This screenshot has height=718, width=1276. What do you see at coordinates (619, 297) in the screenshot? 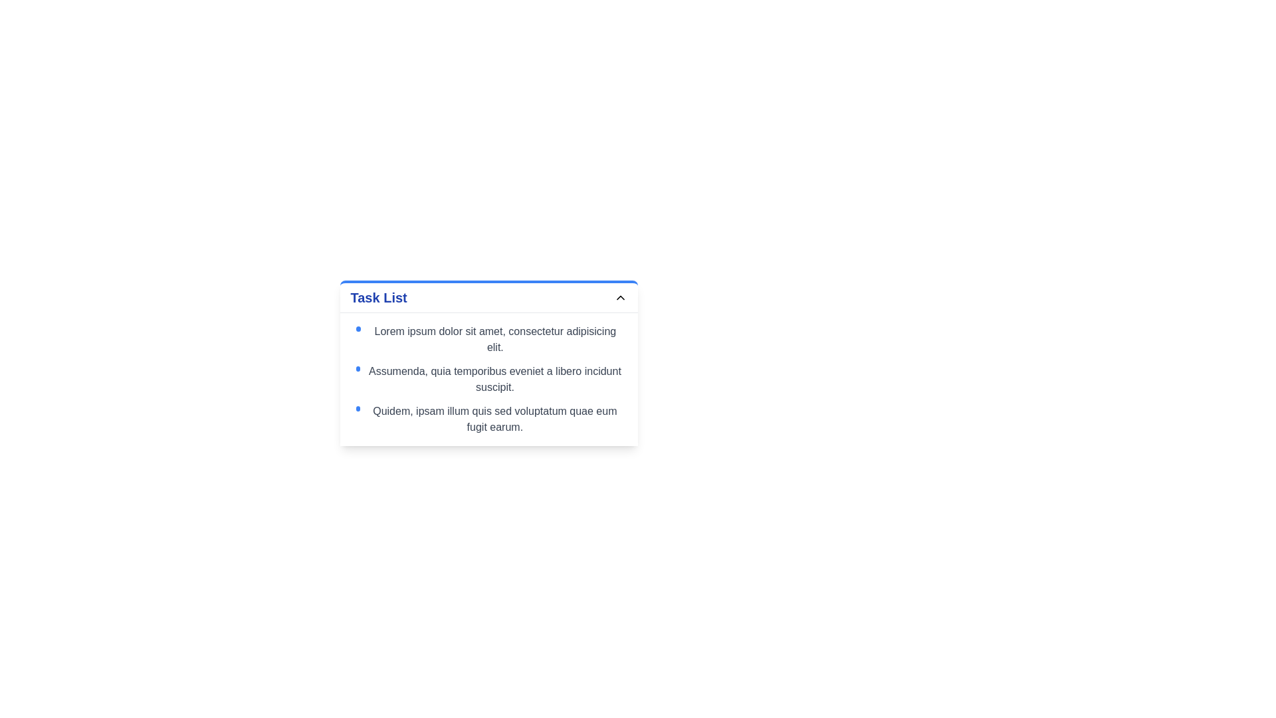
I see `the upward-pointing chevron icon adjacent to the 'Task List' heading` at bounding box center [619, 297].